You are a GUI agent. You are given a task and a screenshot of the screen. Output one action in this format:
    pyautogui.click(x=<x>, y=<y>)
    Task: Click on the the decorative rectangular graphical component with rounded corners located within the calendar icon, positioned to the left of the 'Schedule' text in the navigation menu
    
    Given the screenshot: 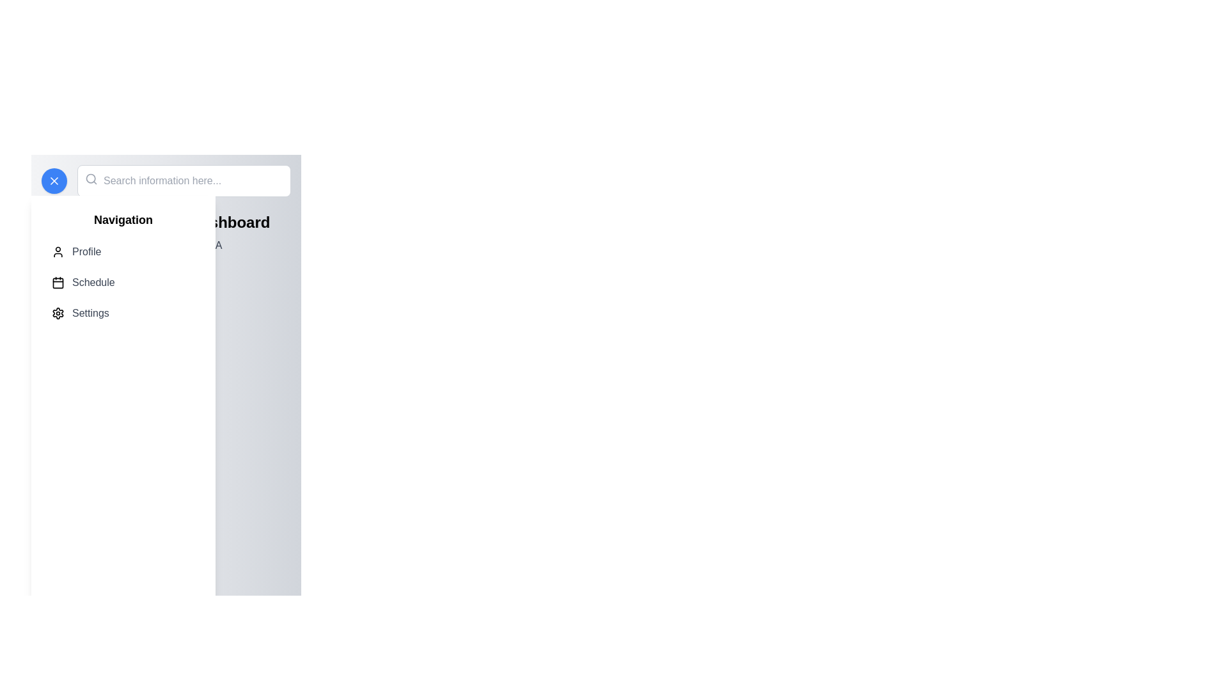 What is the action you would take?
    pyautogui.click(x=58, y=282)
    